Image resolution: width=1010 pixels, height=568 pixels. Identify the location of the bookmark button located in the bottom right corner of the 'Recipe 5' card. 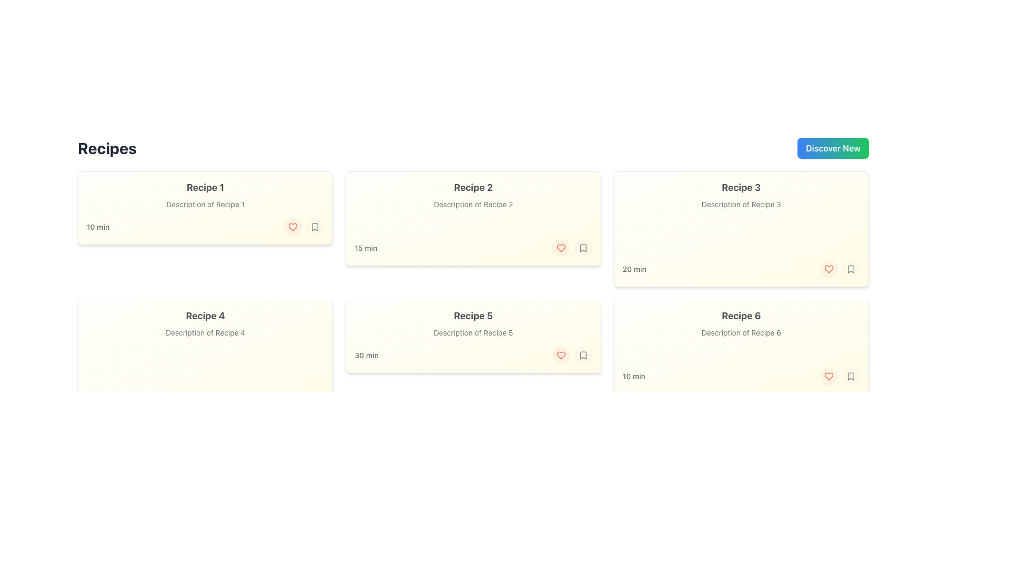
(582, 355).